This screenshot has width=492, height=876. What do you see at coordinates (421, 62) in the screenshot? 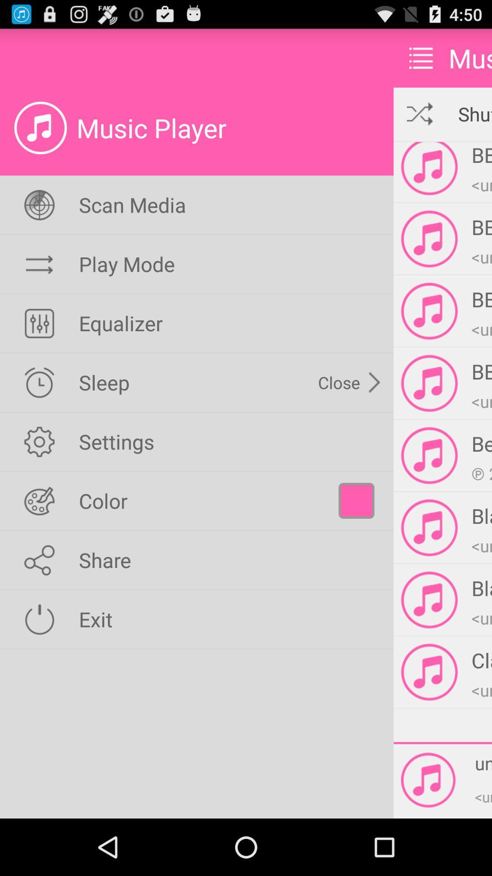
I see `the list icon` at bounding box center [421, 62].